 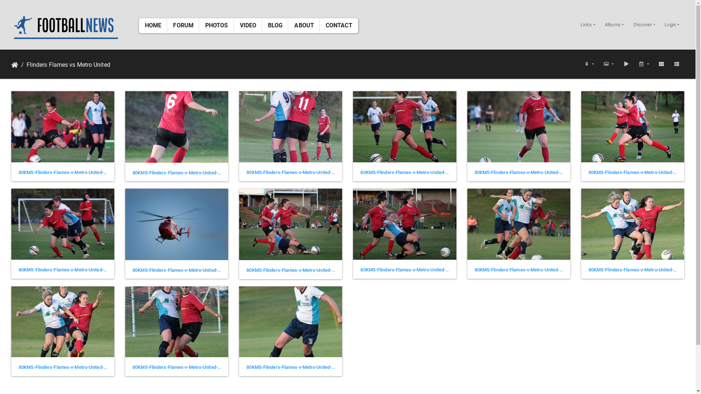 I want to click on 'Calendar', so click(x=643, y=64).